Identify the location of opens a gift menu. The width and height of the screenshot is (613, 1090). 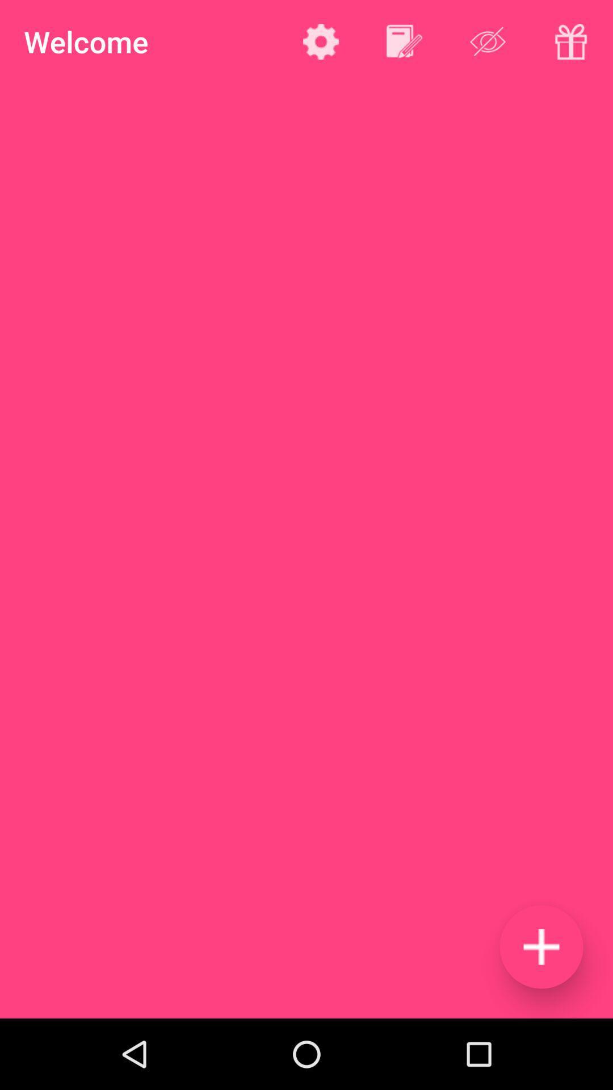
(571, 41).